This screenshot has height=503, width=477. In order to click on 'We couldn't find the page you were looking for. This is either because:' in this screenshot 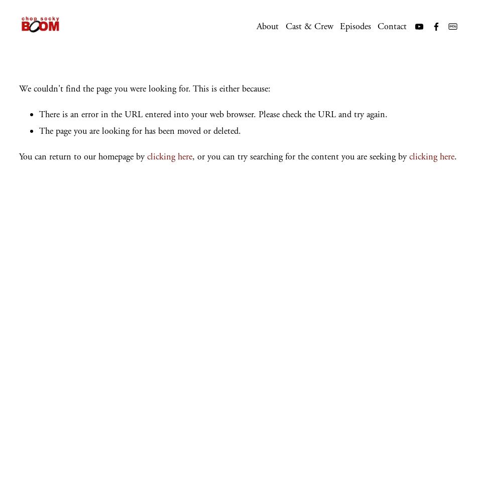, I will do `click(144, 88)`.